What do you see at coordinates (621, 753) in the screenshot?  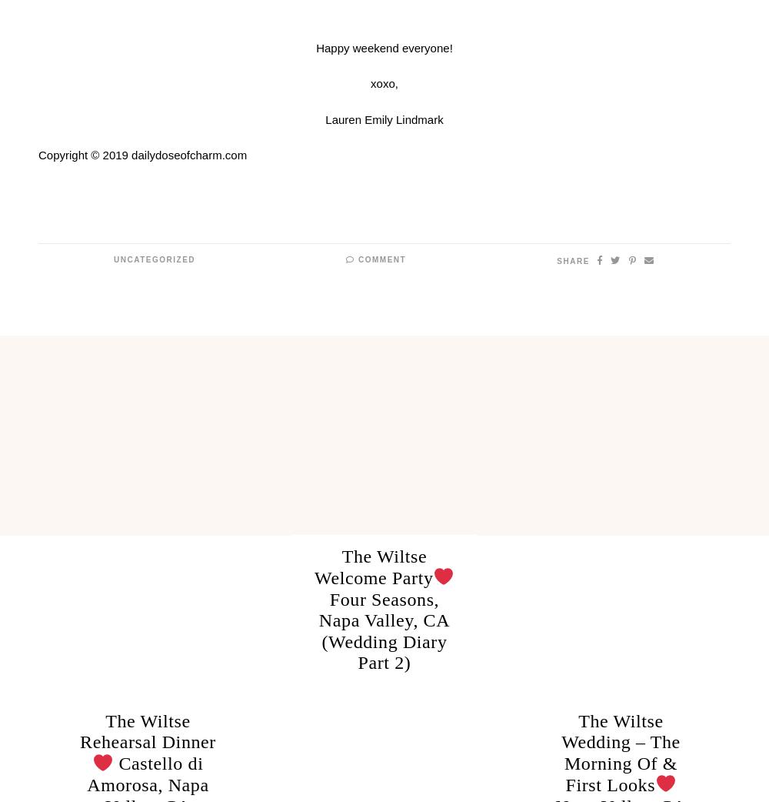 I see `'The Wiltse Wedding – The Morning Of & First Looks'` at bounding box center [621, 753].